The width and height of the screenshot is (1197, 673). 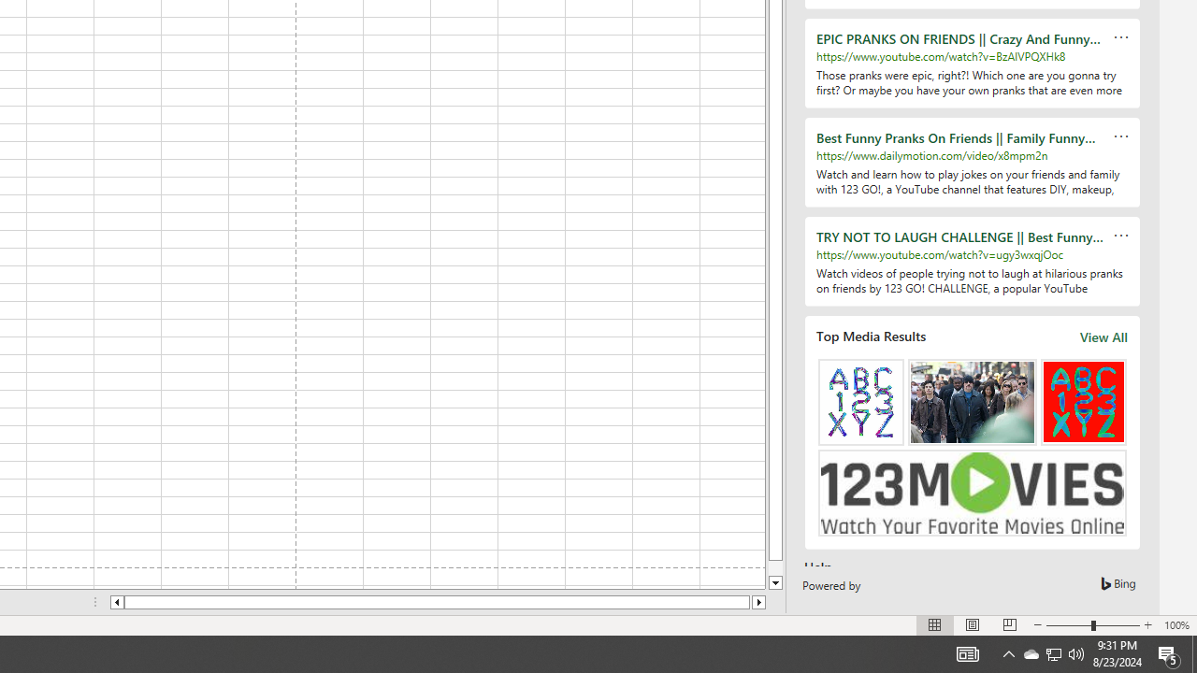 I want to click on 'AutomationID: 4105', so click(x=967, y=652).